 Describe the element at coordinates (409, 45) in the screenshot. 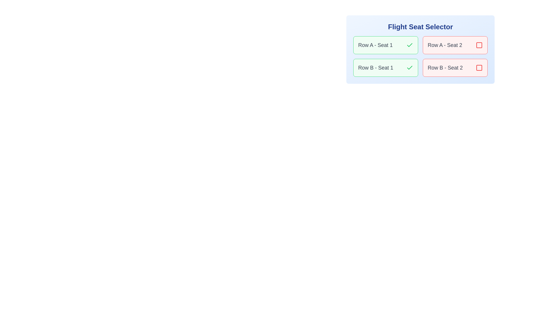

I see `the visual confirmation icon for 'Row A - Seat 1'` at that location.